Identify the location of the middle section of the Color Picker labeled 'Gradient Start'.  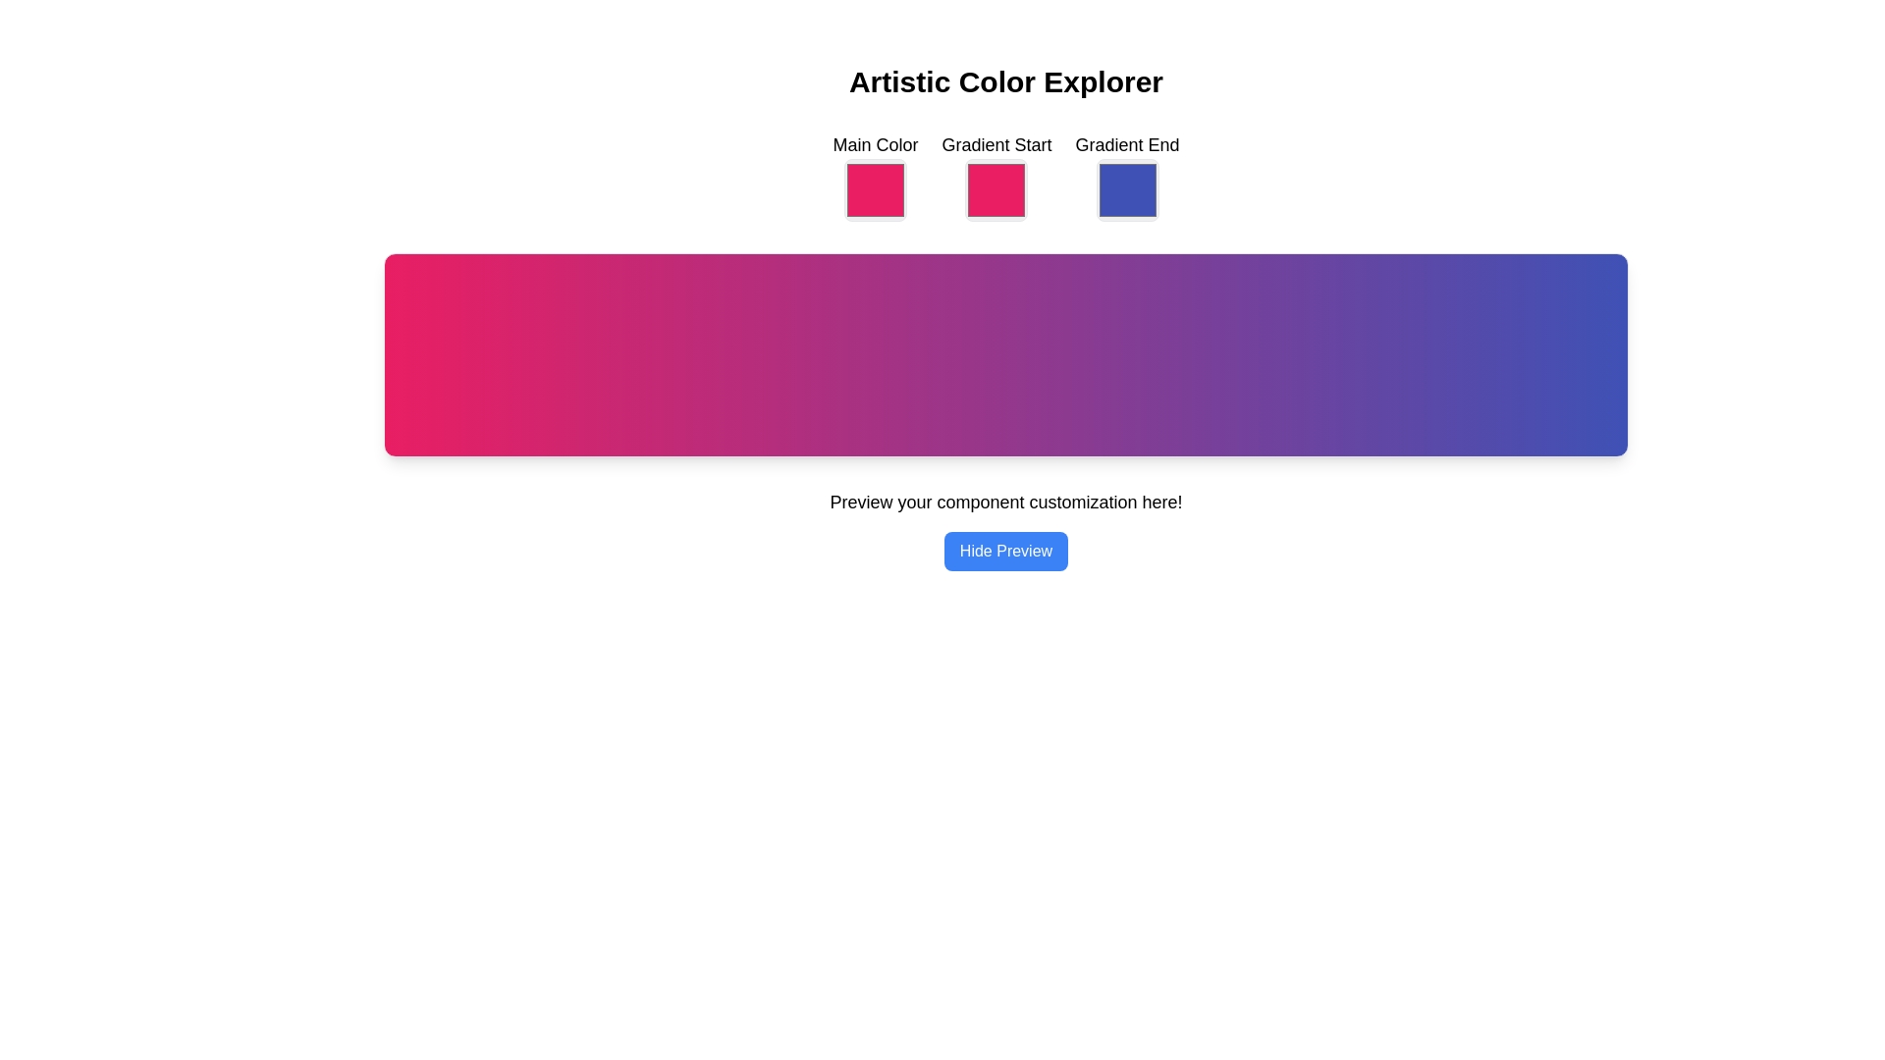
(1005, 177).